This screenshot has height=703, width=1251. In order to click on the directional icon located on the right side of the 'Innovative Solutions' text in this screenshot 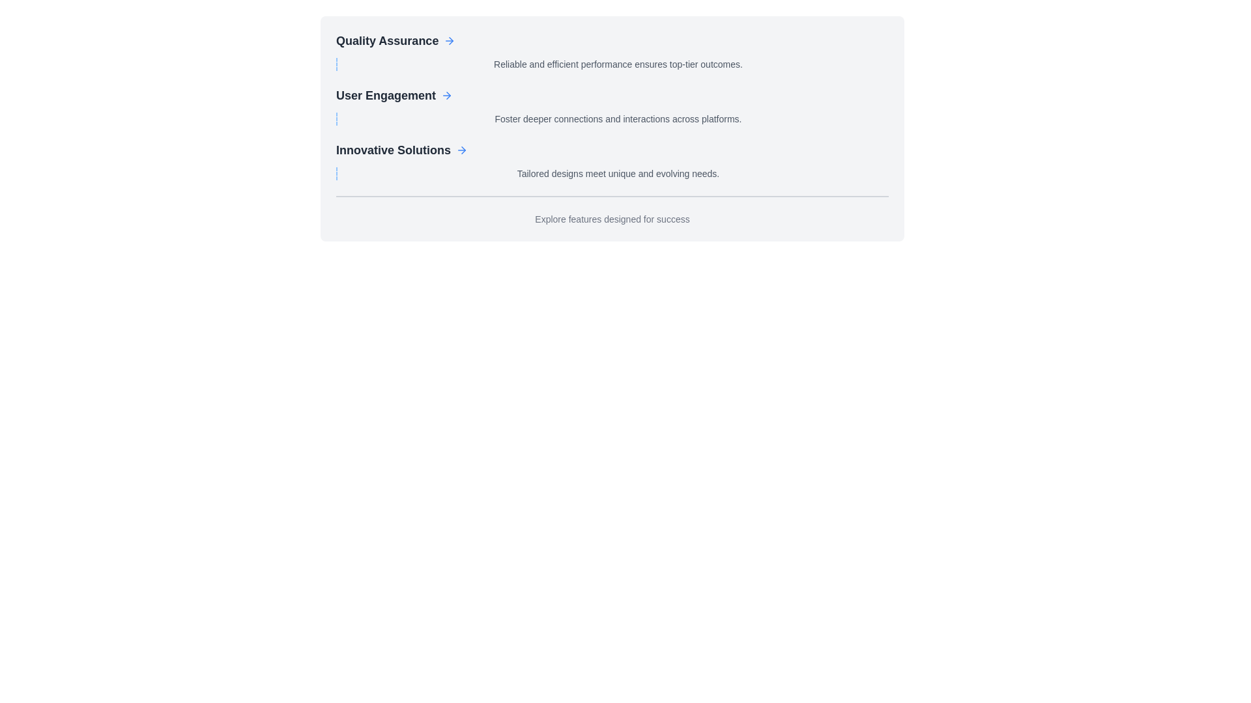, I will do `click(462, 150)`.